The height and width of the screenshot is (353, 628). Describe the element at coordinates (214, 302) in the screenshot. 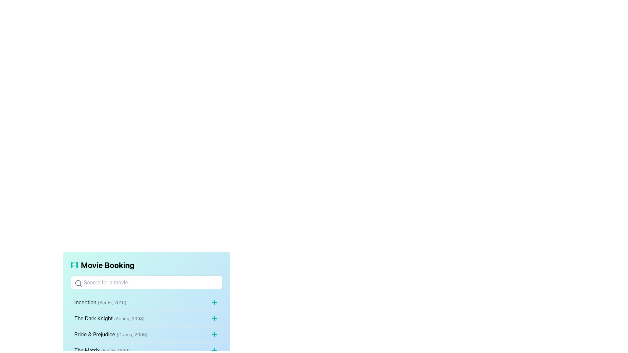

I see `the small teal-colored plus icon button located at the far-right of the row for the movie 'Inception' in the movie list interface` at that location.